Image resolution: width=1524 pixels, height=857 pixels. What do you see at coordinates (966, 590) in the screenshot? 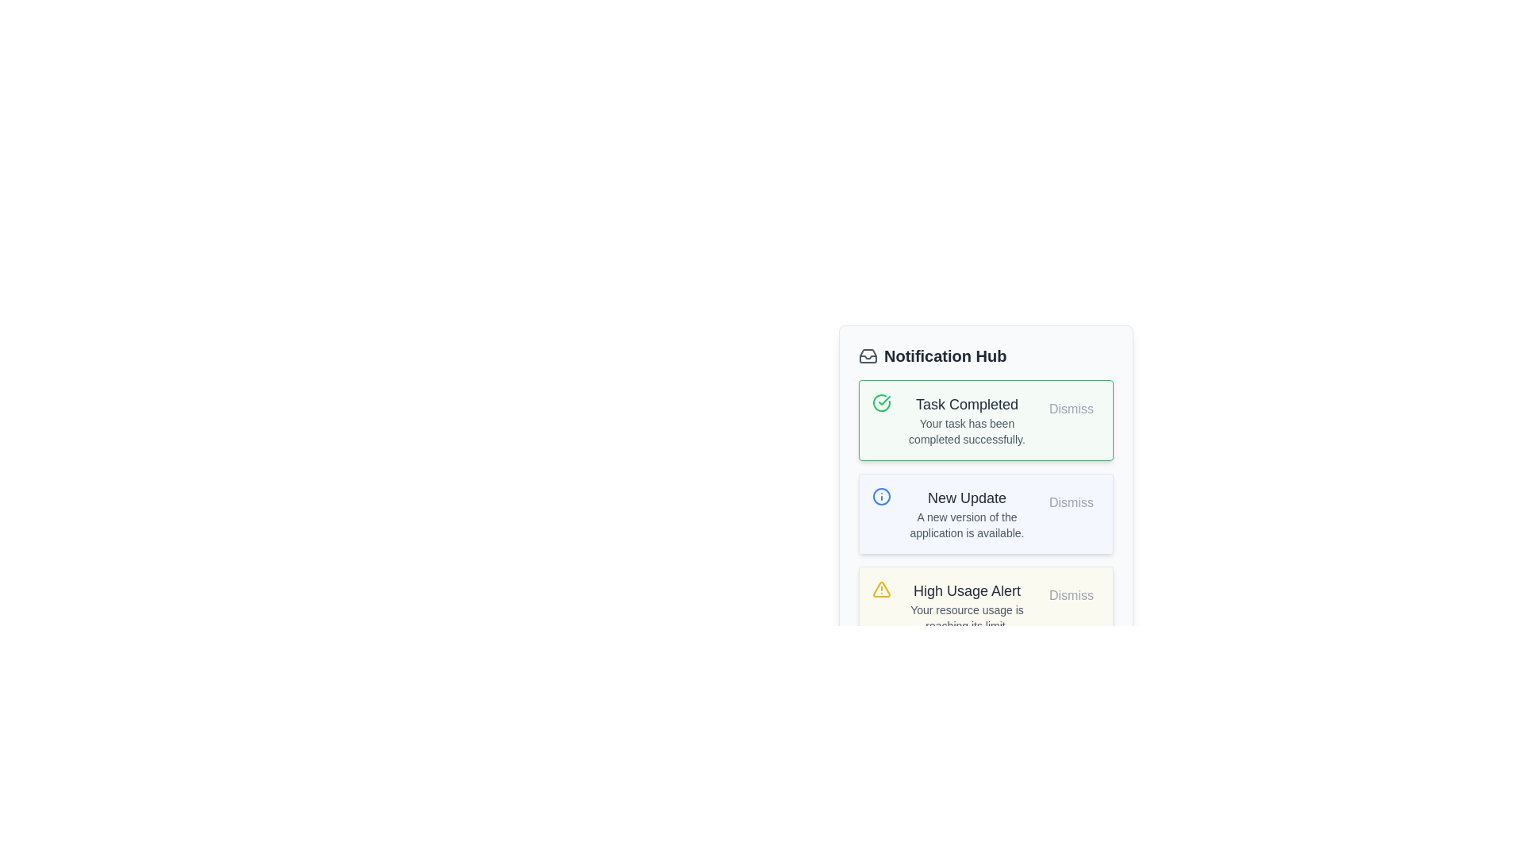
I see `text from the header of the 'High Usage Alert' notification, which is located in the third notification box within the 'Notification Hub'` at bounding box center [966, 590].